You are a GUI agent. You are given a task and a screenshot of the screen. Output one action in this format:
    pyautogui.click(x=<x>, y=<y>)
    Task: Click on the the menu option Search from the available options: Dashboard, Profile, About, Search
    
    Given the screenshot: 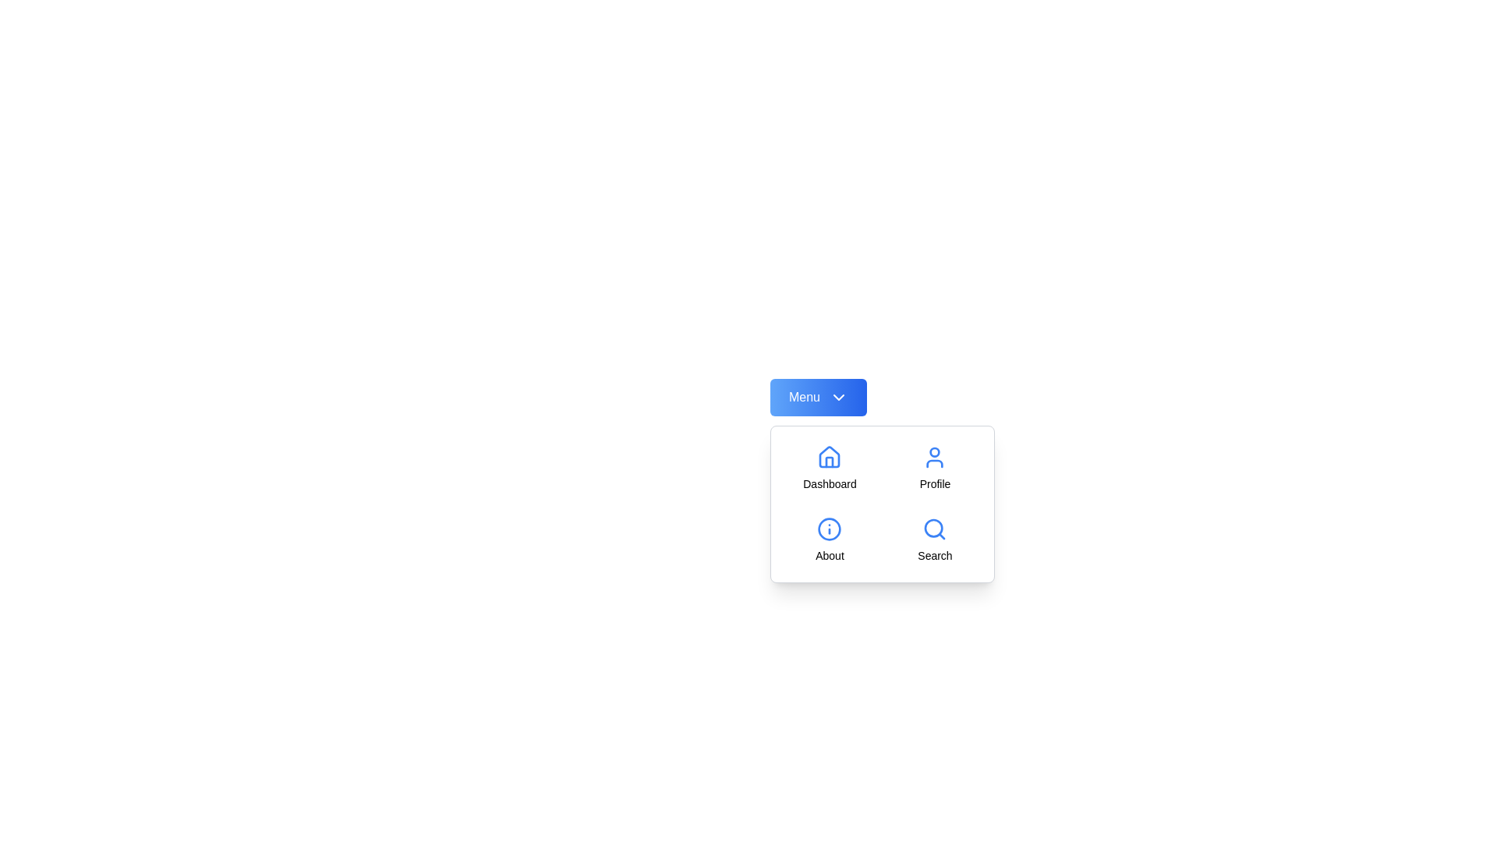 What is the action you would take?
    pyautogui.click(x=935, y=540)
    